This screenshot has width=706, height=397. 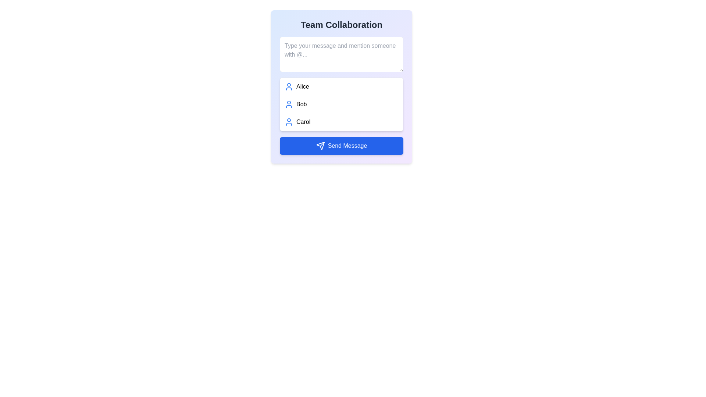 I want to click on the user profile icon outlined in blue that represents the head and shoulders of a person, located to the left of the text 'Alice', so click(x=289, y=86).